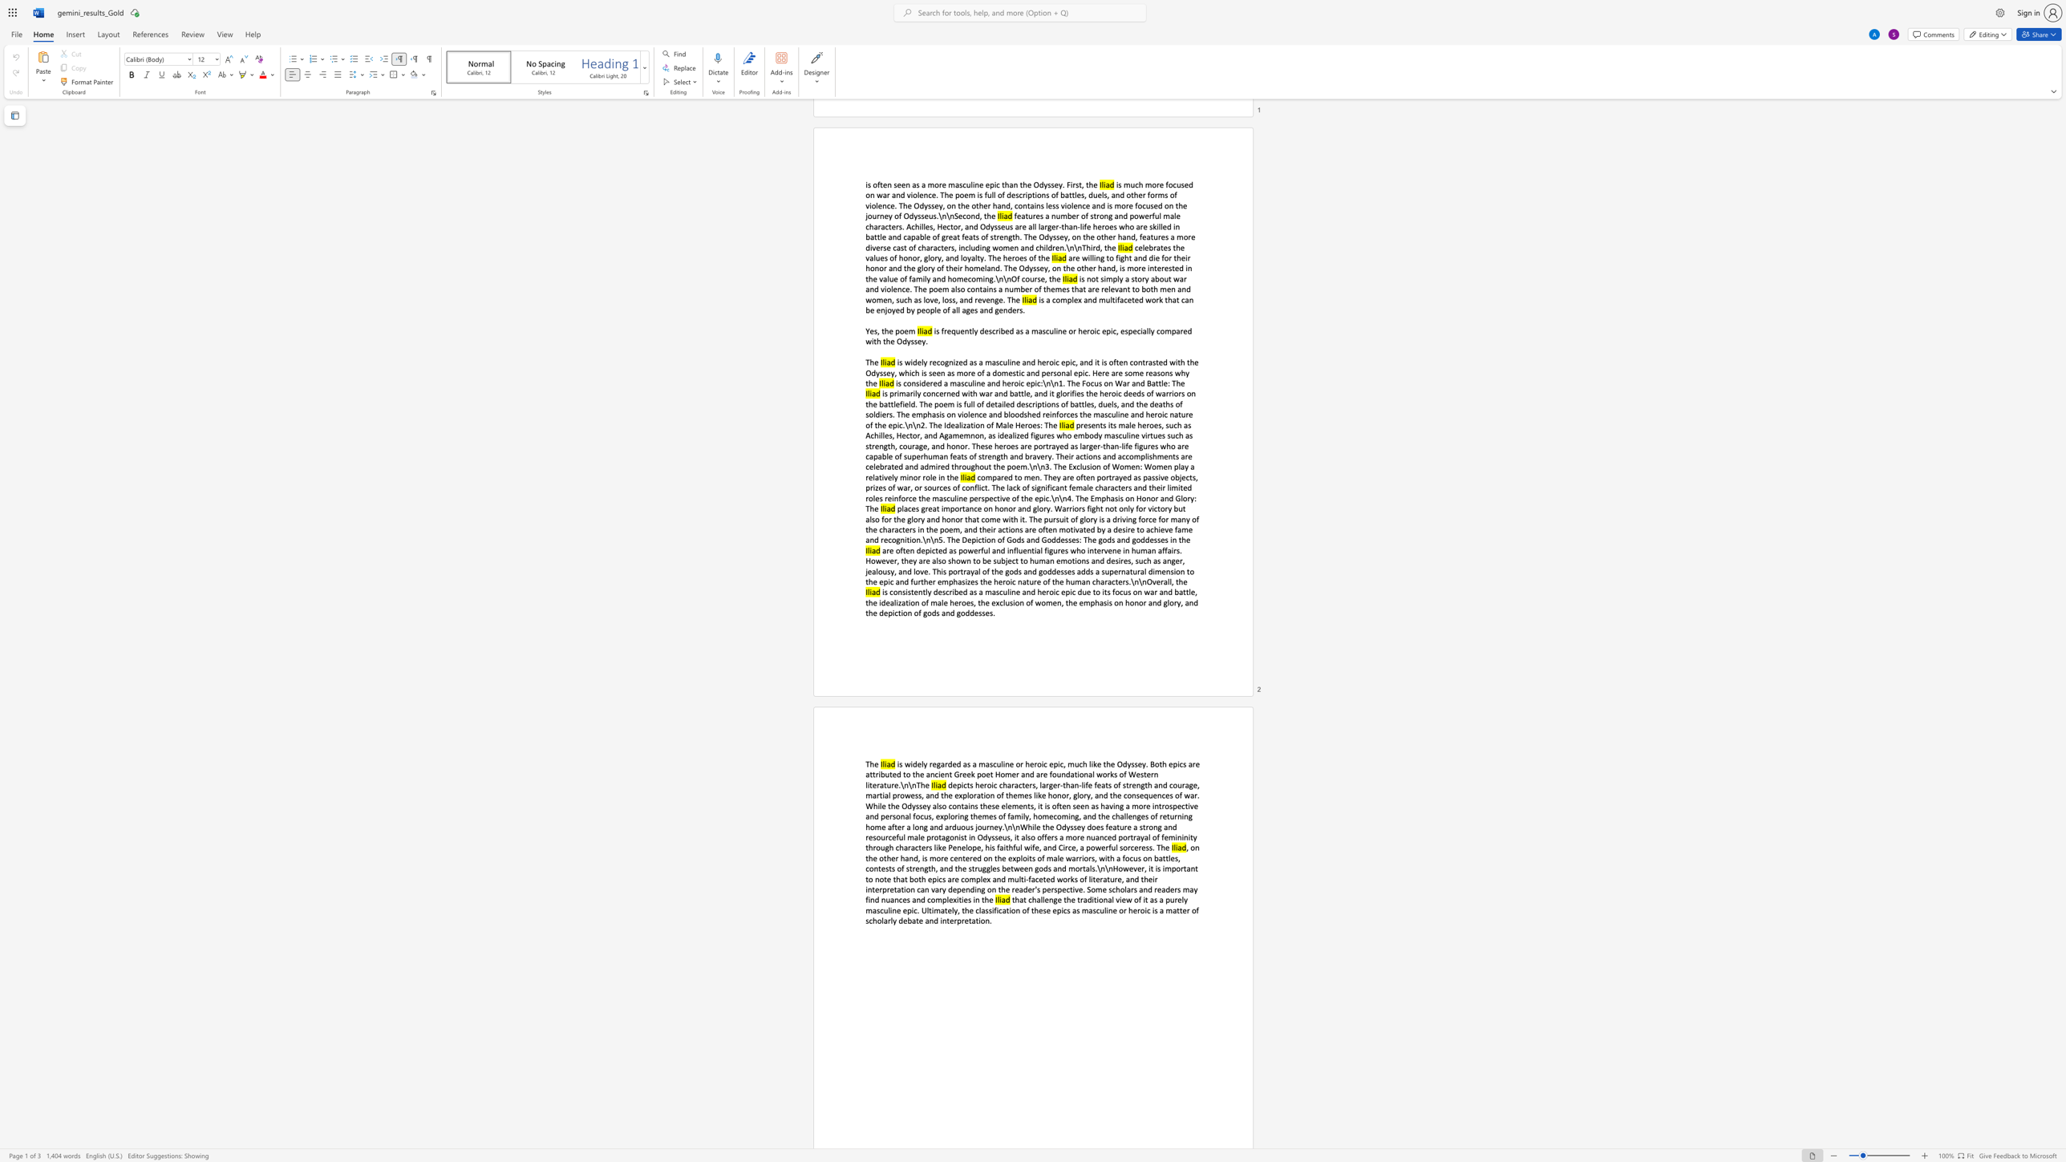 This screenshot has height=1162, width=2066. I want to click on the subset text "rded as a masculine or heroic epic, much like the Odyssey. Both epics are attributed to the ancient Greek poet Homer and are foundational" within the text "is widely regarded as a masculine or heroic epic, much like the Odyssey. Both epics are attributed to the ancient Greek poet Homer and are foundational works of Western literature.\n\nThe", so click(944, 763).